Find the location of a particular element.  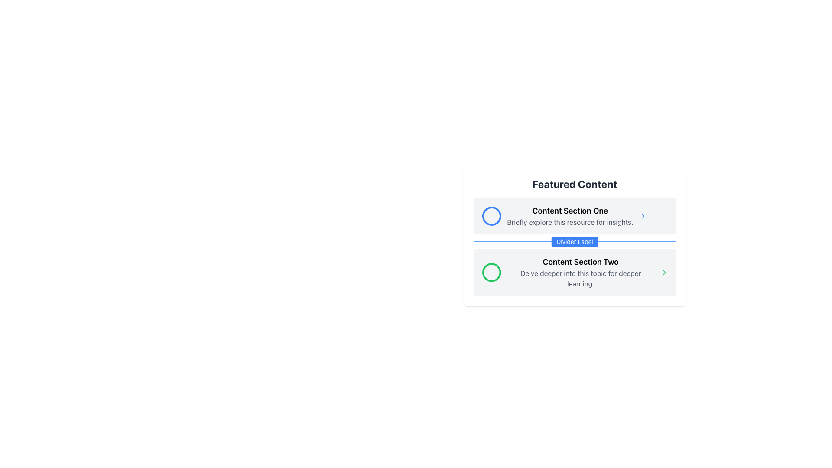

the Chevron icon located at the right edge of the box containing 'Content Section One' is located at coordinates (643, 215).